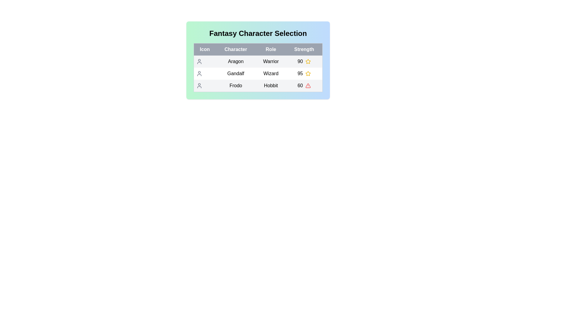 The image size is (580, 326). What do you see at coordinates (258, 86) in the screenshot?
I see `the row corresponding to Frodo to reveal additional details` at bounding box center [258, 86].